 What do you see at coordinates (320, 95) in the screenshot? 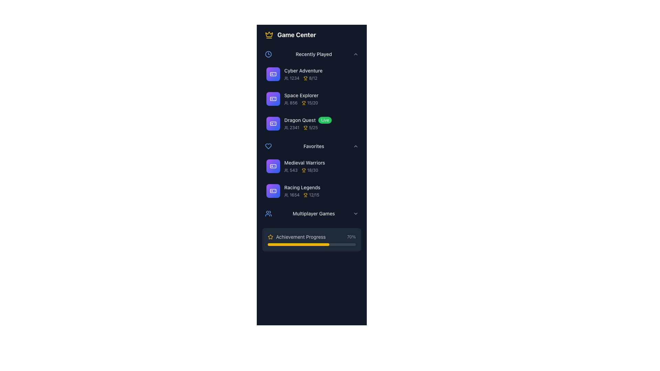
I see `the title text label reading 'Space Explorer' to view additional information about the game` at bounding box center [320, 95].